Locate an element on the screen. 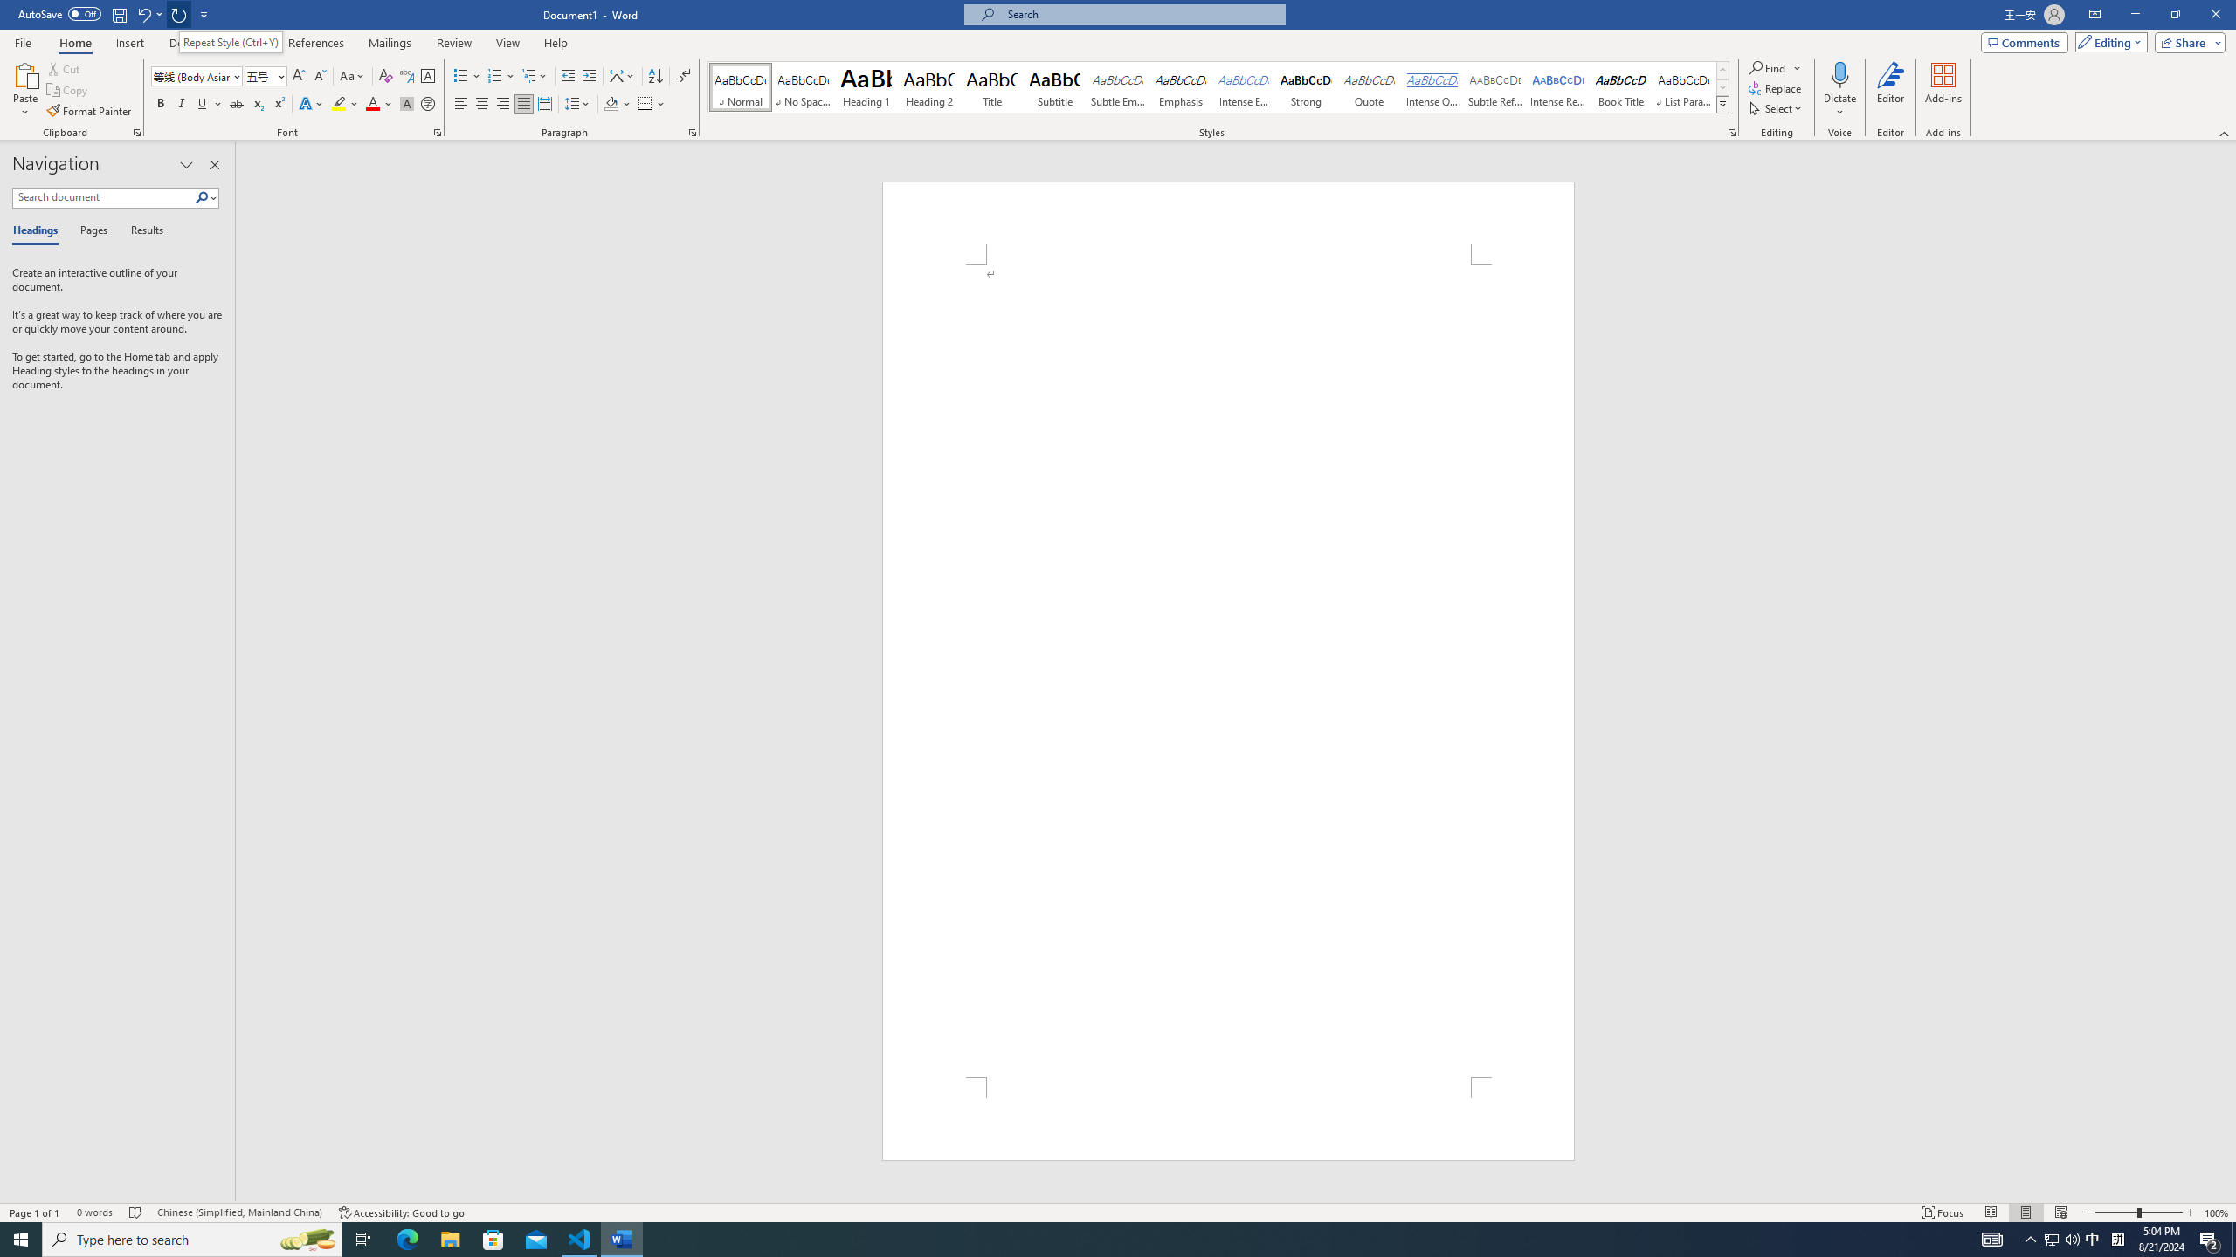 This screenshot has width=2236, height=1257. 'Zoom In' is located at coordinates (2190, 1212).